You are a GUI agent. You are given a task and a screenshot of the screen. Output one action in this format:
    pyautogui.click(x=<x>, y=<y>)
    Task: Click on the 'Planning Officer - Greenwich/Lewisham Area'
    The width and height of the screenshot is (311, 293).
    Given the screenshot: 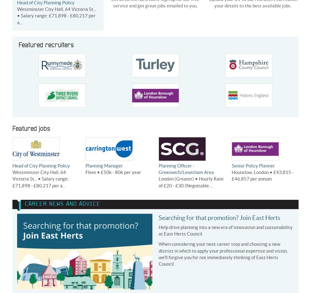 What is the action you would take?
    pyautogui.click(x=186, y=169)
    